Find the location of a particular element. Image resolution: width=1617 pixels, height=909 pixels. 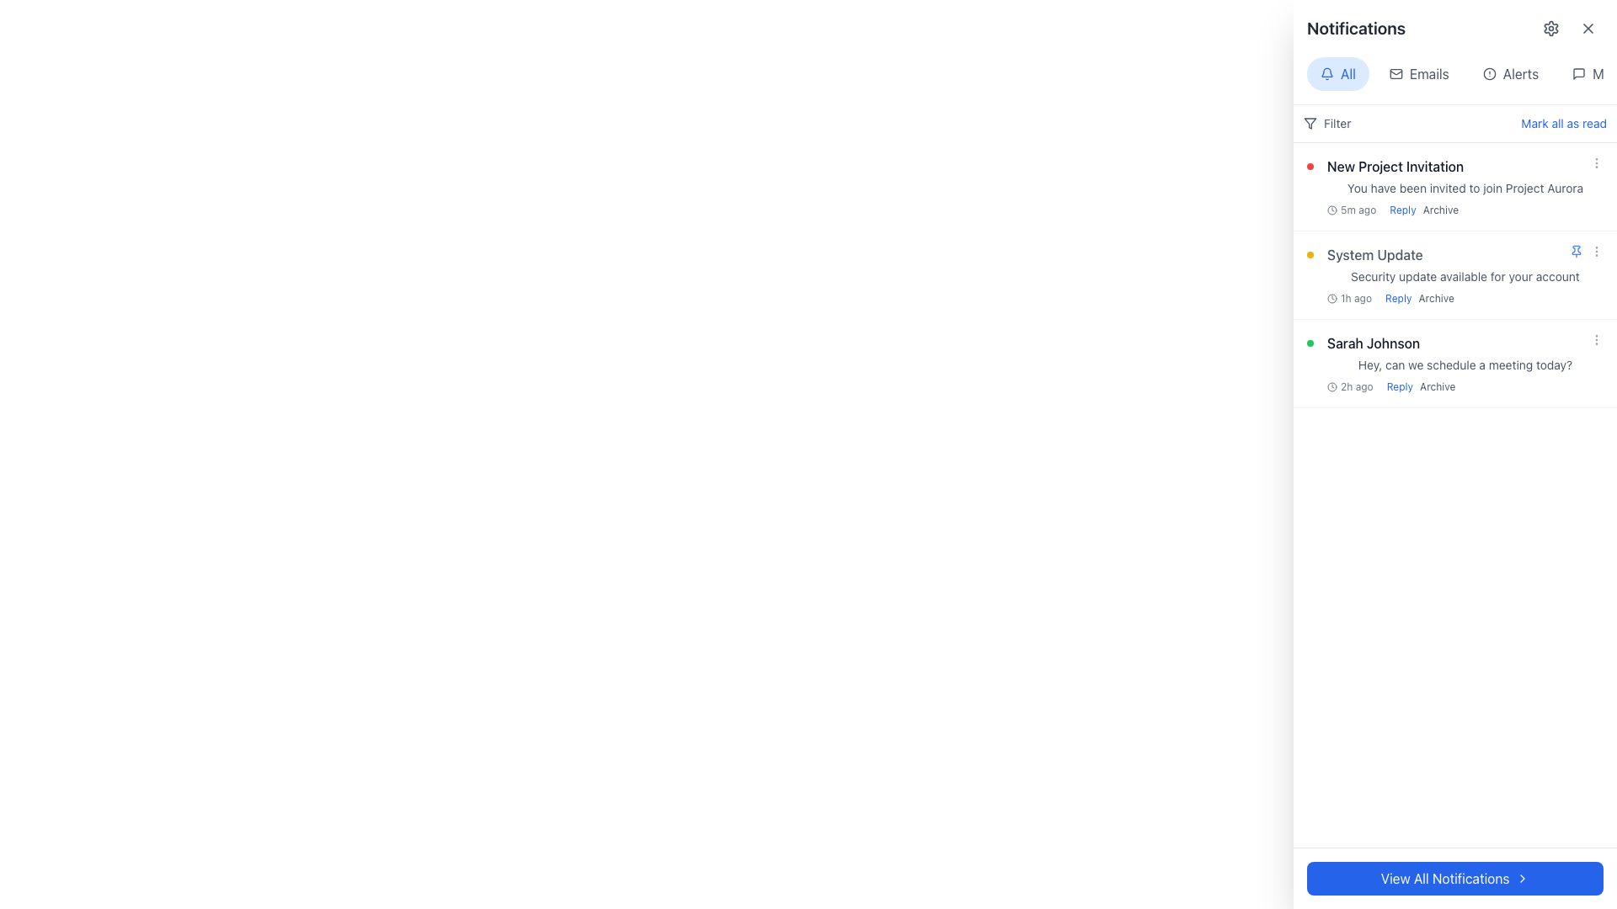

informative text label located in the 'New Project Invitation' section, positioned directly below the heading text is located at coordinates (1464, 188).